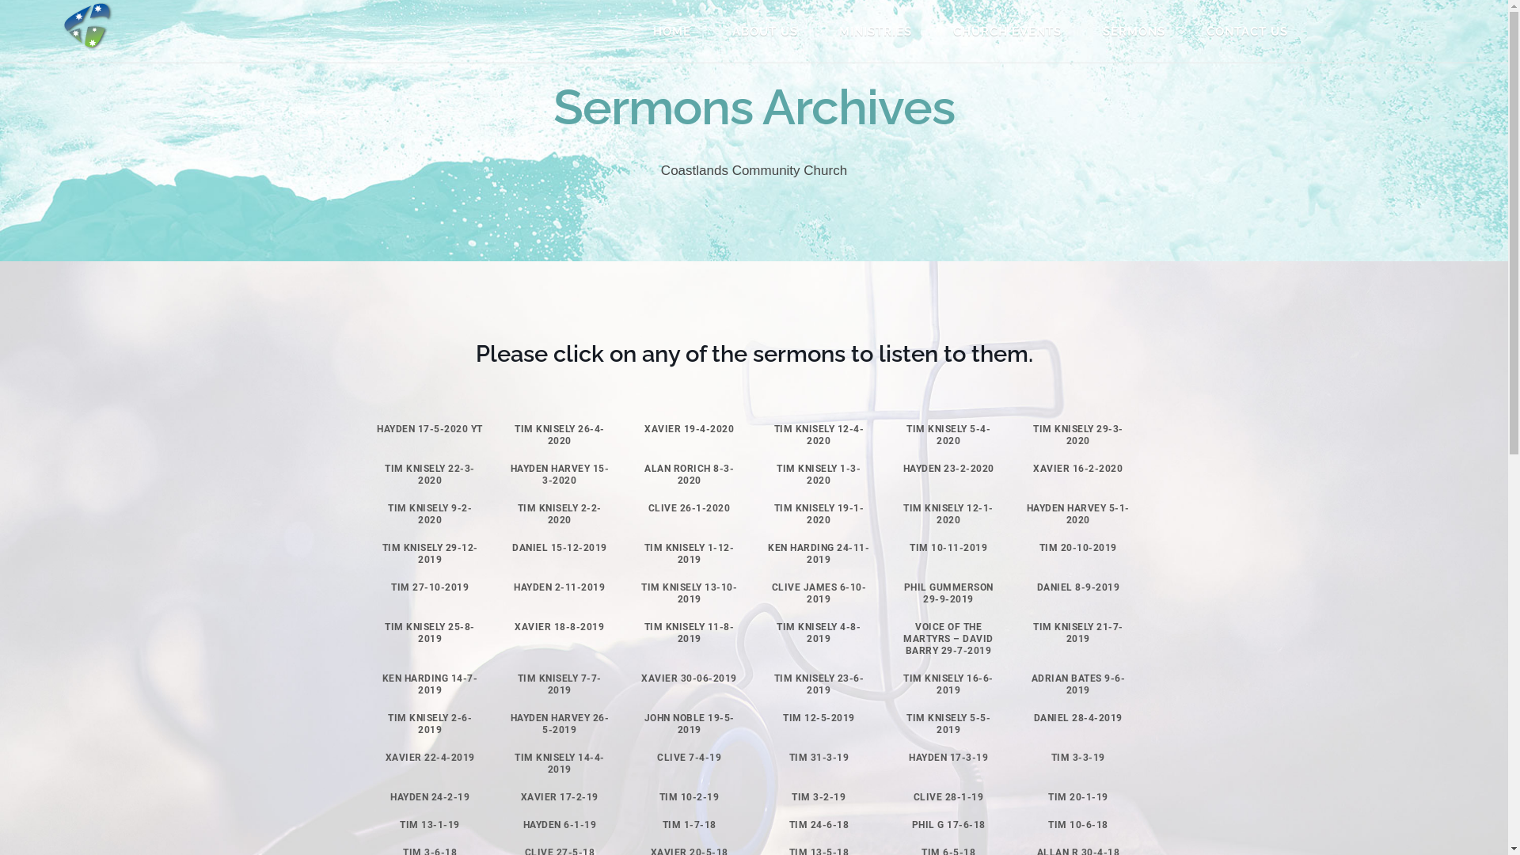  Describe the element at coordinates (560, 724) in the screenshot. I see `'HAYDEN HARVEY 26-5-2019'` at that location.